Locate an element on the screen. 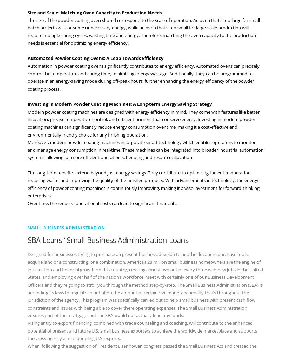  'Designed for businesses trying to purchase an present business, develop to another location, purchase tools, acquire land or a constructing, or a combination. America’s 28 million small business homeowners are the engine of job creation and financial growth on this country, creating almost two out of every three web new jobs in the United States, and employing over half of the nation’s workforce. Meet with certainly one of our Business Development Officers and they’re going to stroll you through the method step-by-step. The Small Business Administration (SBA) is amending its laws to regulate for inflation the amount of certain civil monetary penalty that’s throughout the jurisdiction of the agency. This program was specifically carried out to help small business with present cash flow constraints and issues with being able to cover there operating expenses. The Small Business Administration ensures part of the mortgage, but the SBA would not actually lend any funds.' is located at coordinates (144, 284).